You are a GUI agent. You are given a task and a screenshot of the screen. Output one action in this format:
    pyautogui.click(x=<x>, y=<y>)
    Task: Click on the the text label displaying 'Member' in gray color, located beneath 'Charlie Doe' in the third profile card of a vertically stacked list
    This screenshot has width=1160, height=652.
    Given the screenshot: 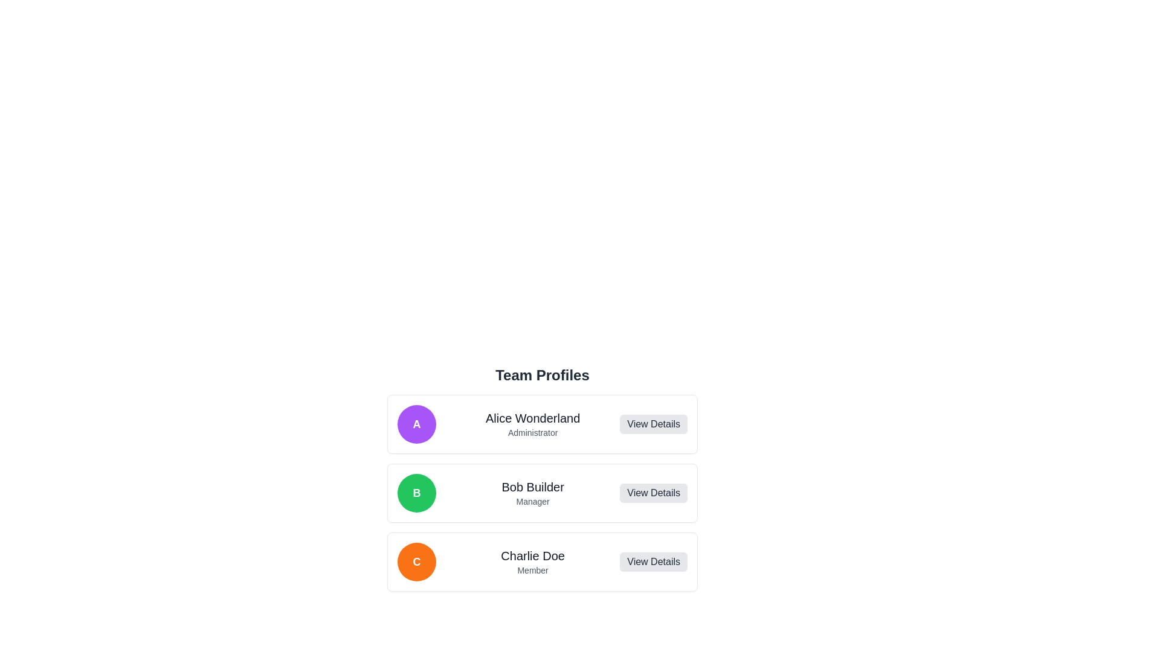 What is the action you would take?
    pyautogui.click(x=532, y=570)
    